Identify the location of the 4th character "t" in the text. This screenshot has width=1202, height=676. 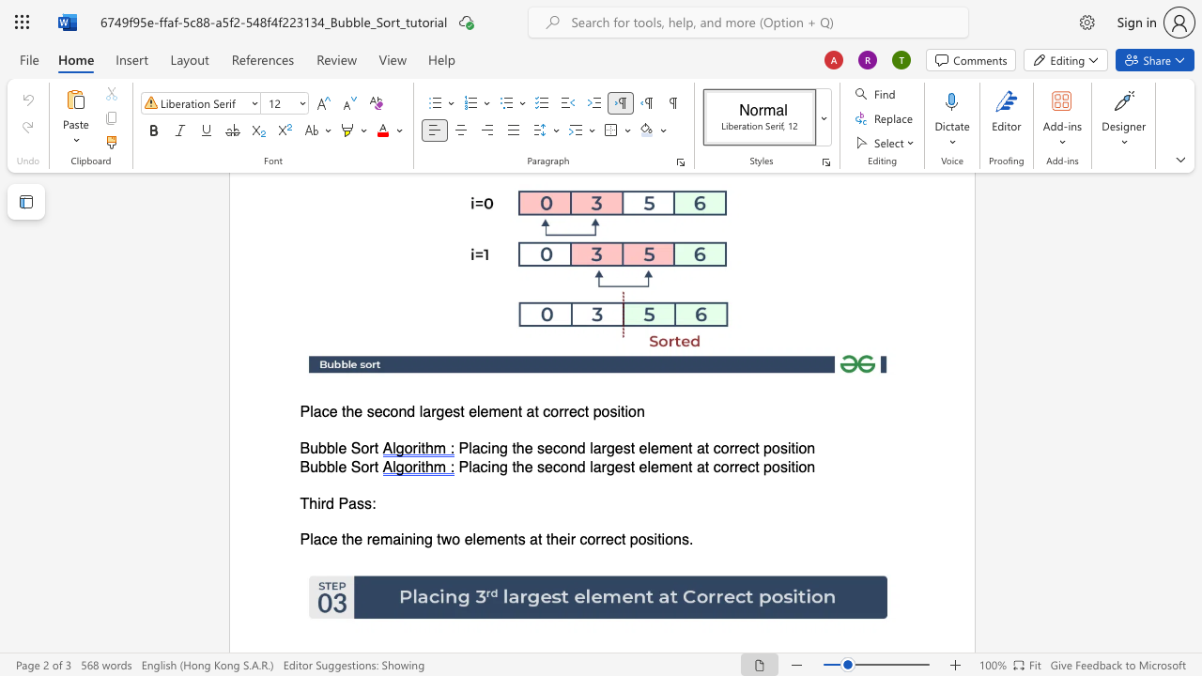
(539, 540).